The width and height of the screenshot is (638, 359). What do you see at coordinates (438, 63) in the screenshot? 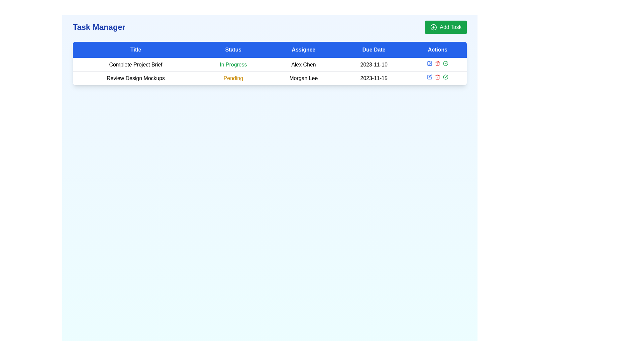
I see `the red trash can icon in the 'Actions' column of the task list table` at bounding box center [438, 63].